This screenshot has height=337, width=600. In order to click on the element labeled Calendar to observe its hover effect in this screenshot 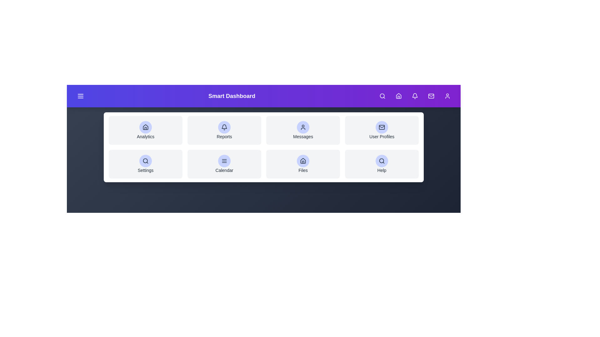, I will do `click(224, 164)`.